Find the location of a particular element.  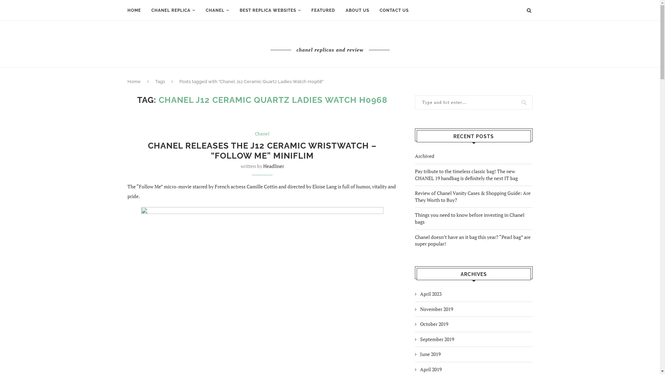

'November 2019' is located at coordinates (433, 309).